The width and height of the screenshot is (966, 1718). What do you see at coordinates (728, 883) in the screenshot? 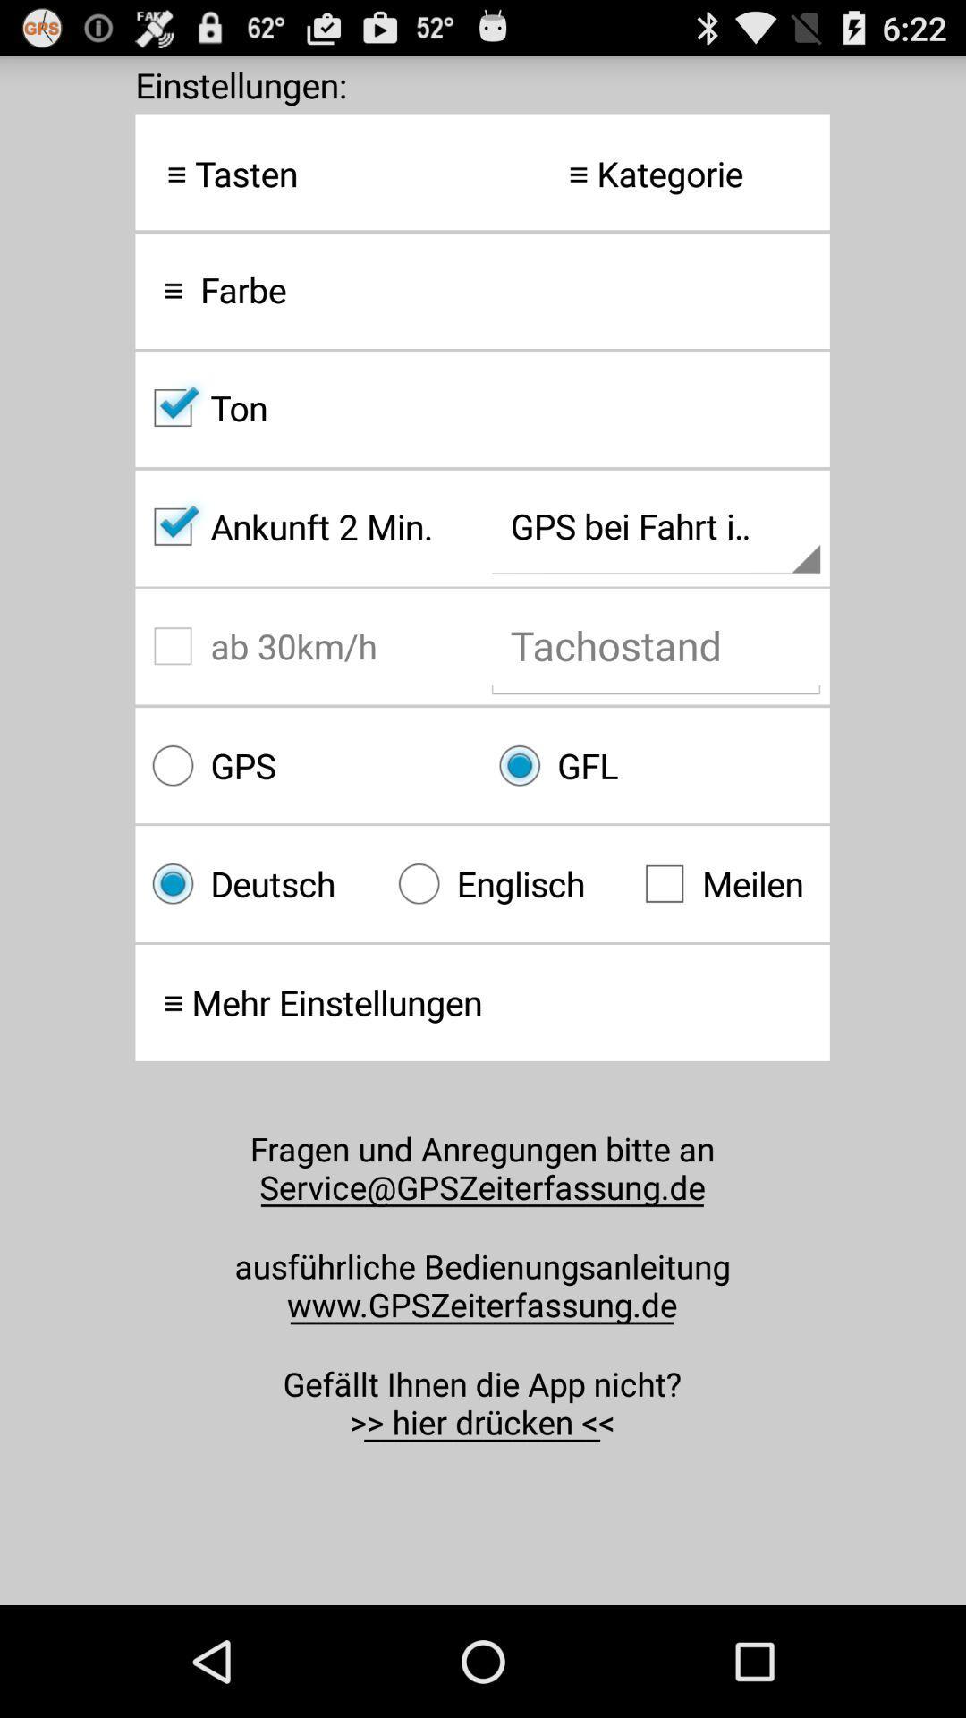
I see `icon to the right of englisch item` at bounding box center [728, 883].